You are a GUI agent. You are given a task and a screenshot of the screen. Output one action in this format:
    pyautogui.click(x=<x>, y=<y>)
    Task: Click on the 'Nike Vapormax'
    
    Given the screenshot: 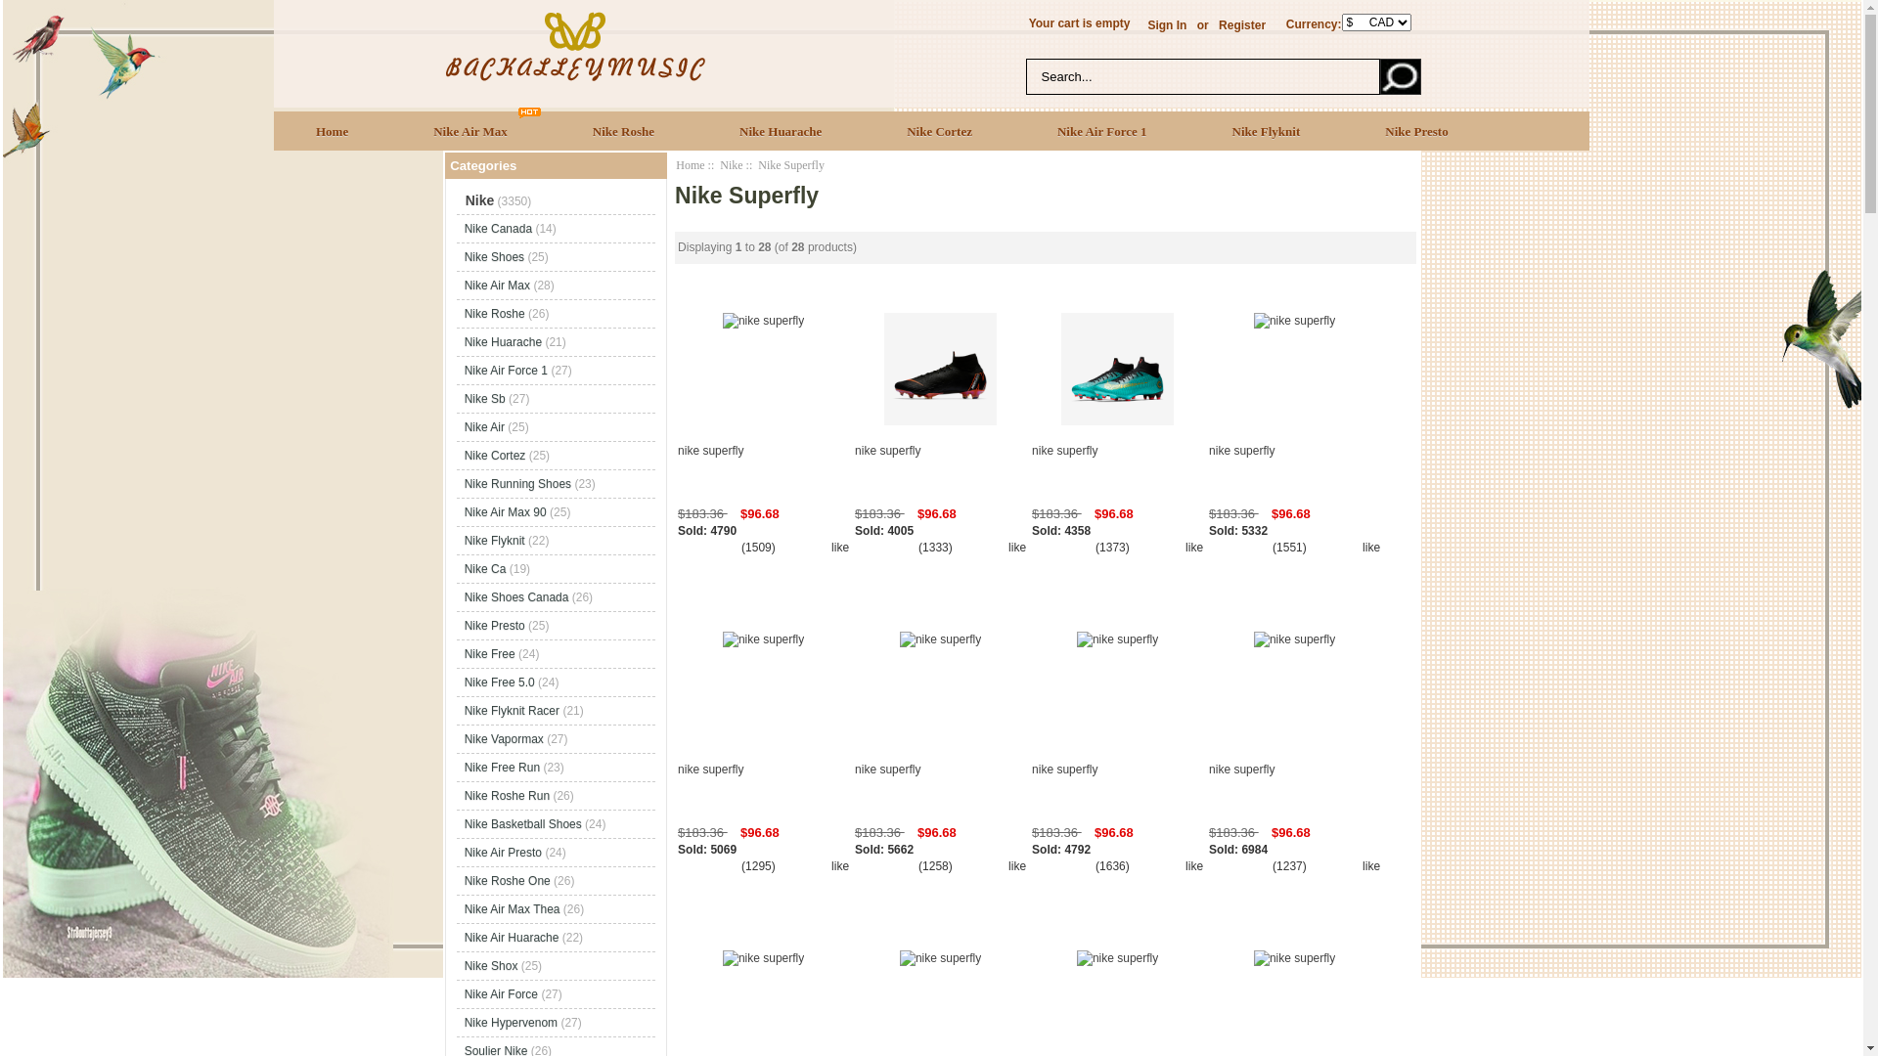 What is the action you would take?
    pyautogui.click(x=504, y=739)
    